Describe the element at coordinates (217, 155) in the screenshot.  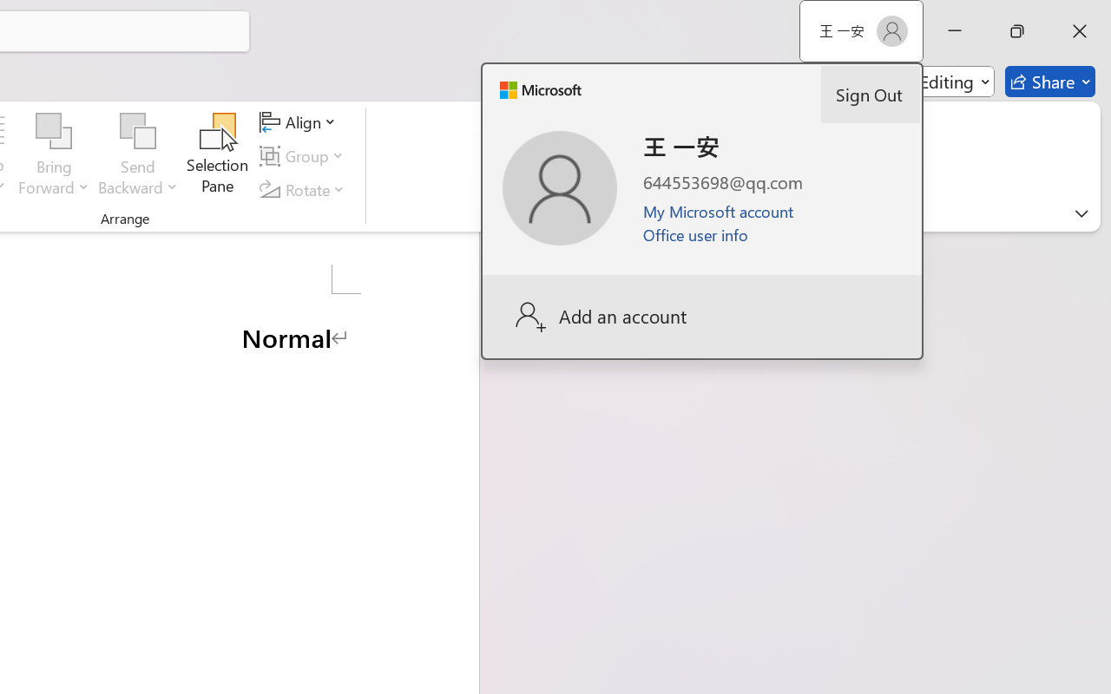
I see `'Selection Pane...'` at that location.